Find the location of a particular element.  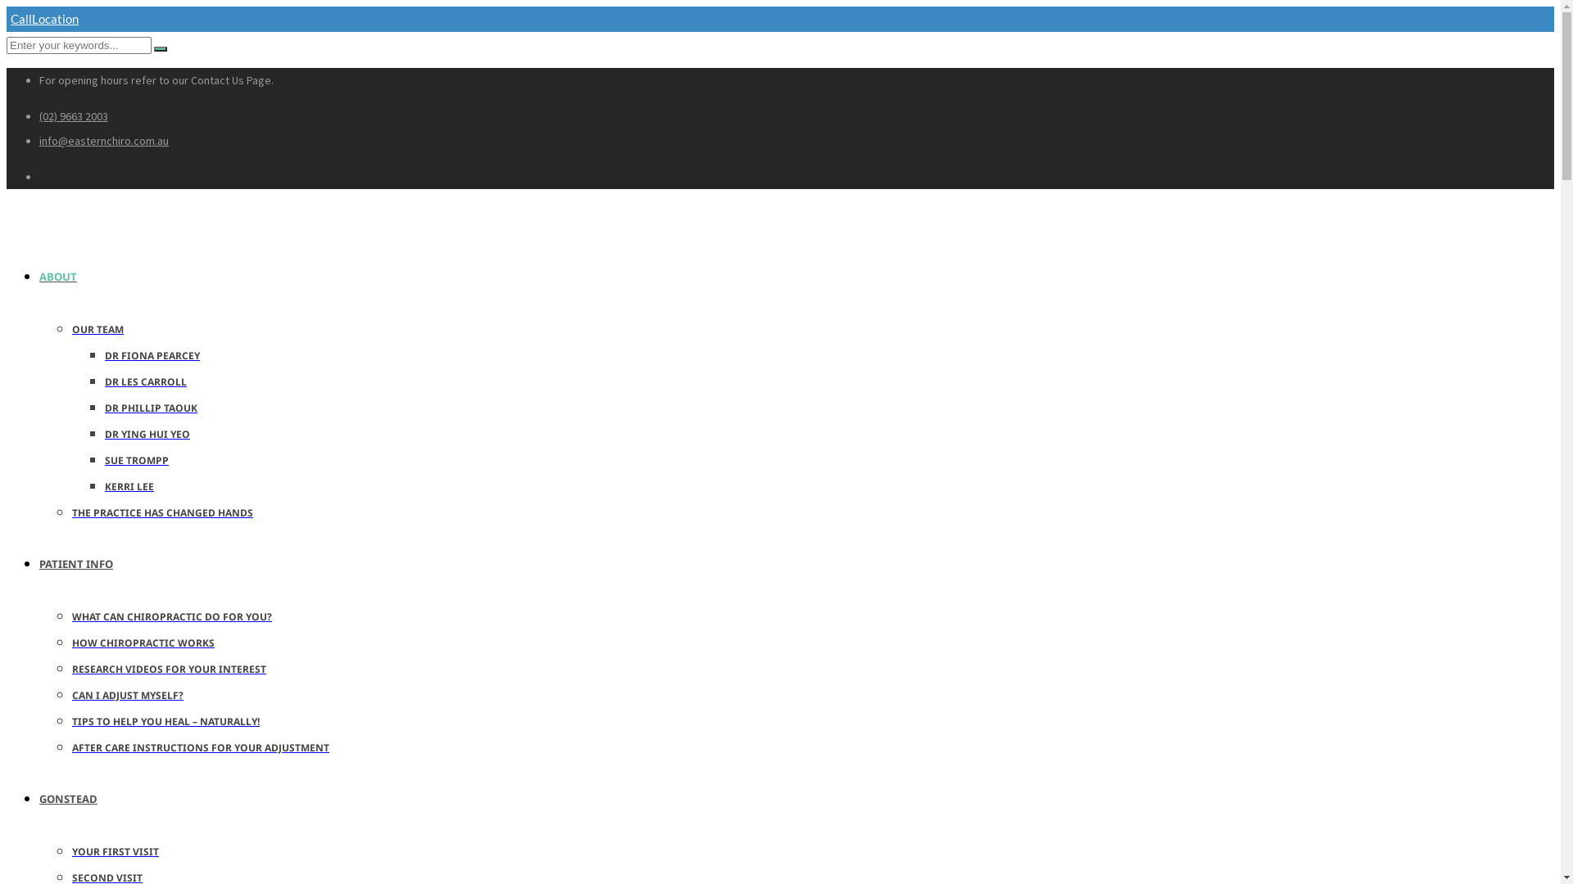

'PATIENT INFO' is located at coordinates (89, 562).